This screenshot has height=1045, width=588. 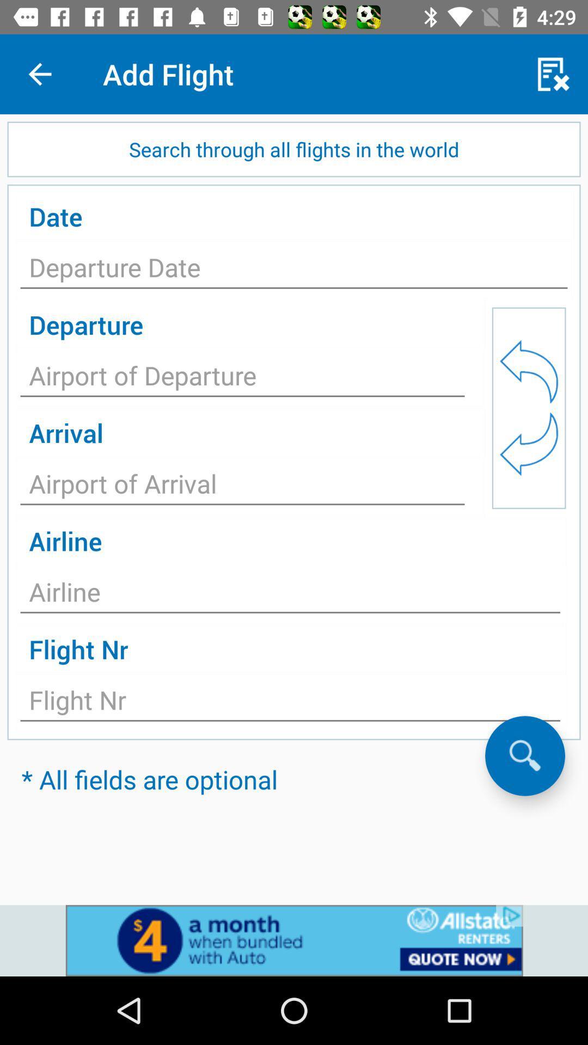 What do you see at coordinates (242, 486) in the screenshot?
I see `typing page` at bounding box center [242, 486].